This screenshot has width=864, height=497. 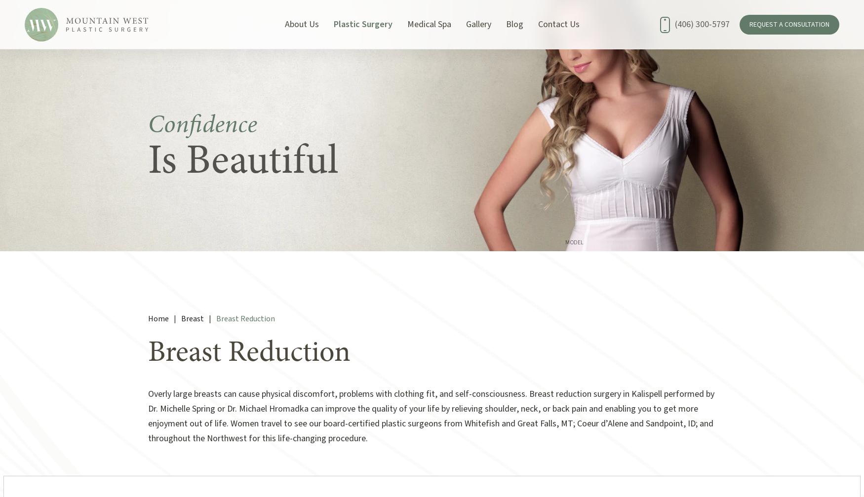 What do you see at coordinates (158, 318) in the screenshot?
I see `'Home'` at bounding box center [158, 318].